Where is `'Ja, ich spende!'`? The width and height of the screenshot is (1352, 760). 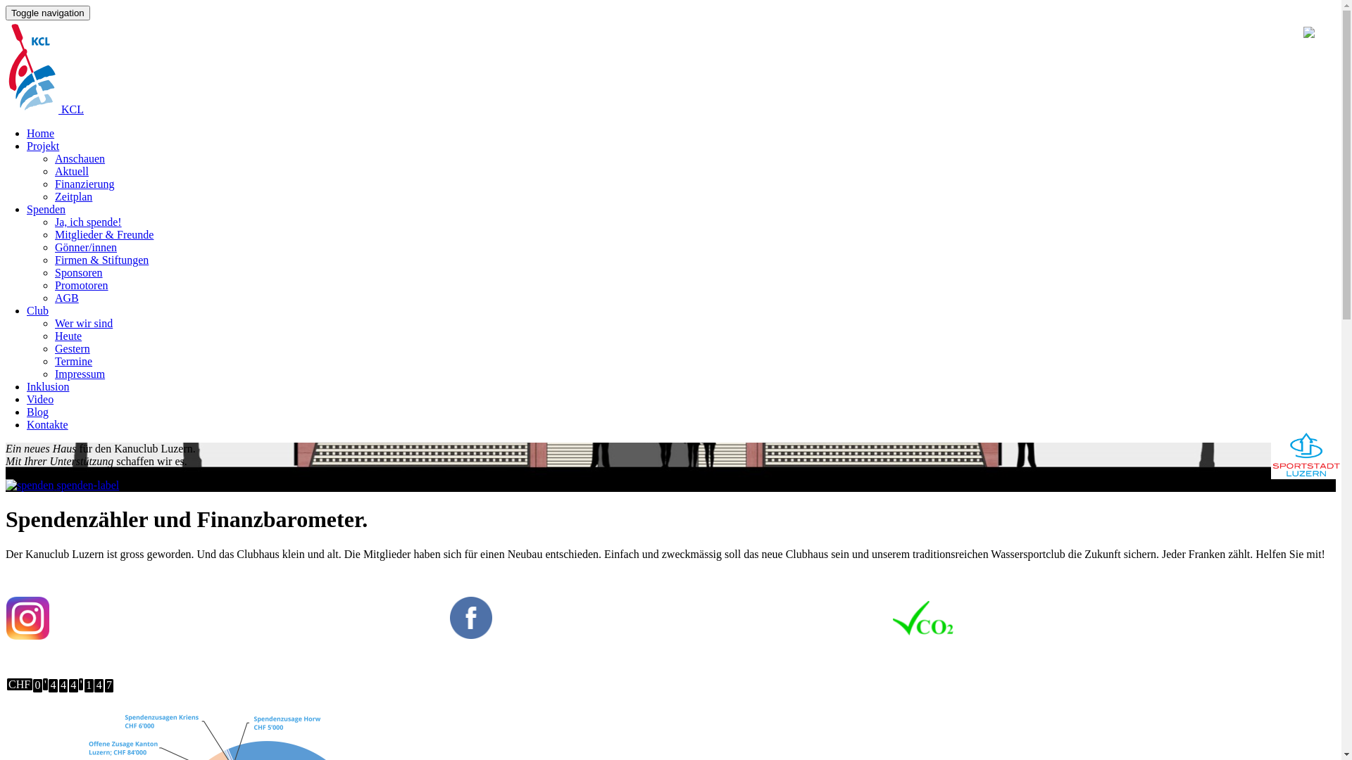
'Ja, ich spende!' is located at coordinates (87, 222).